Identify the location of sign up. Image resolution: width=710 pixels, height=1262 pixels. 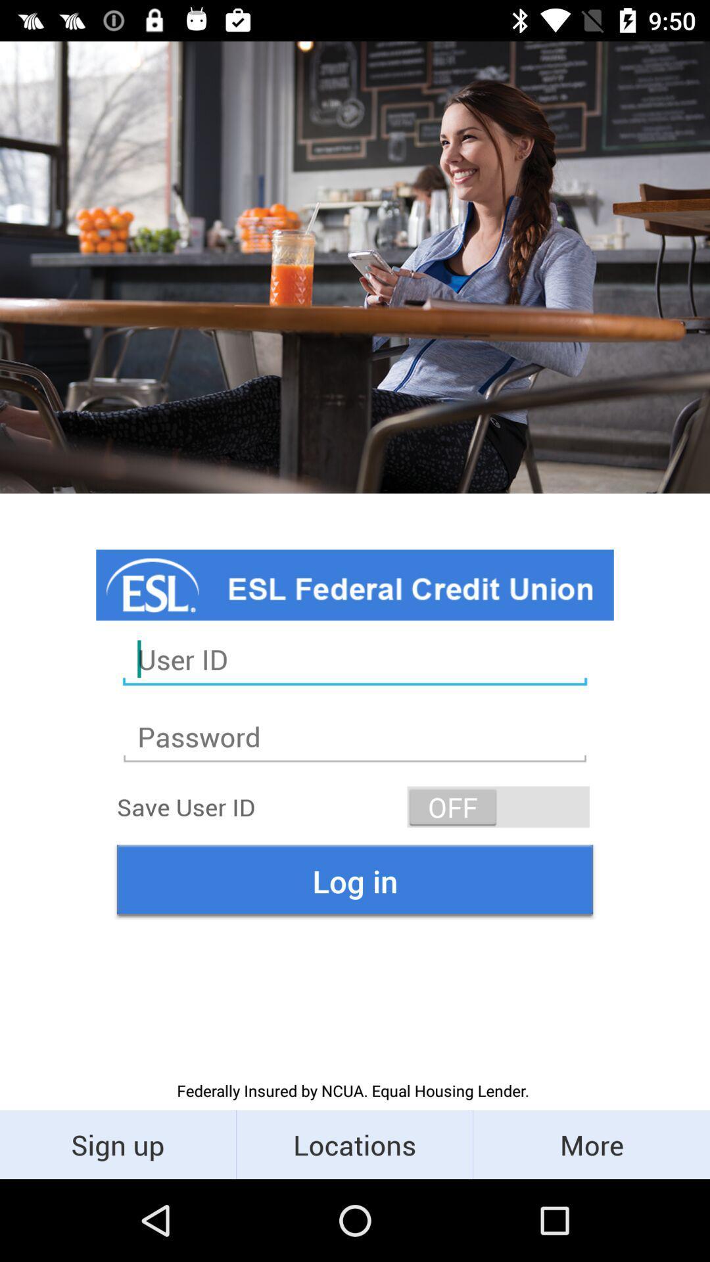
(117, 1144).